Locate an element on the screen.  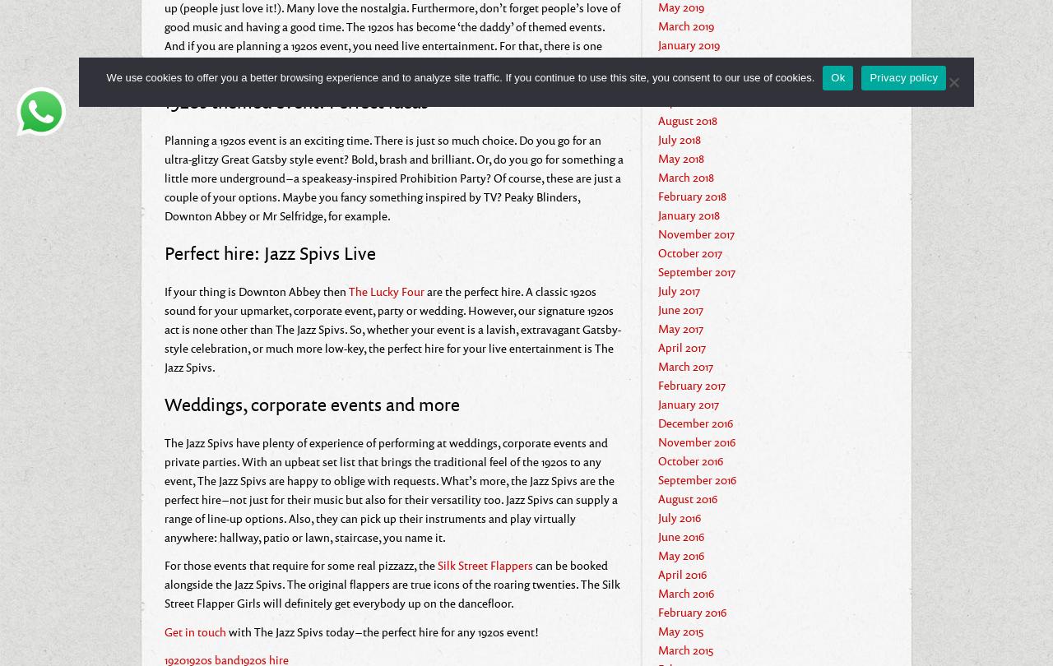
'with The Jazz Spivs today – the perfect hire for any 1920s event!' is located at coordinates (382, 630).